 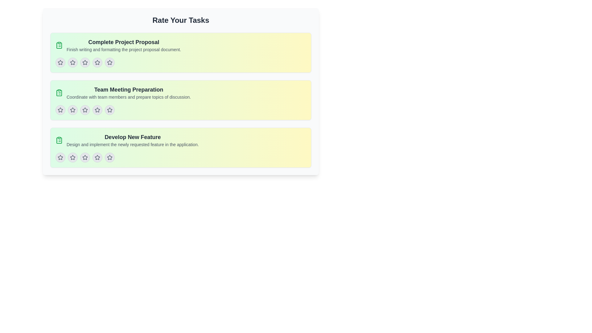 I want to click on the first star icon for rating located, so click(x=60, y=62).